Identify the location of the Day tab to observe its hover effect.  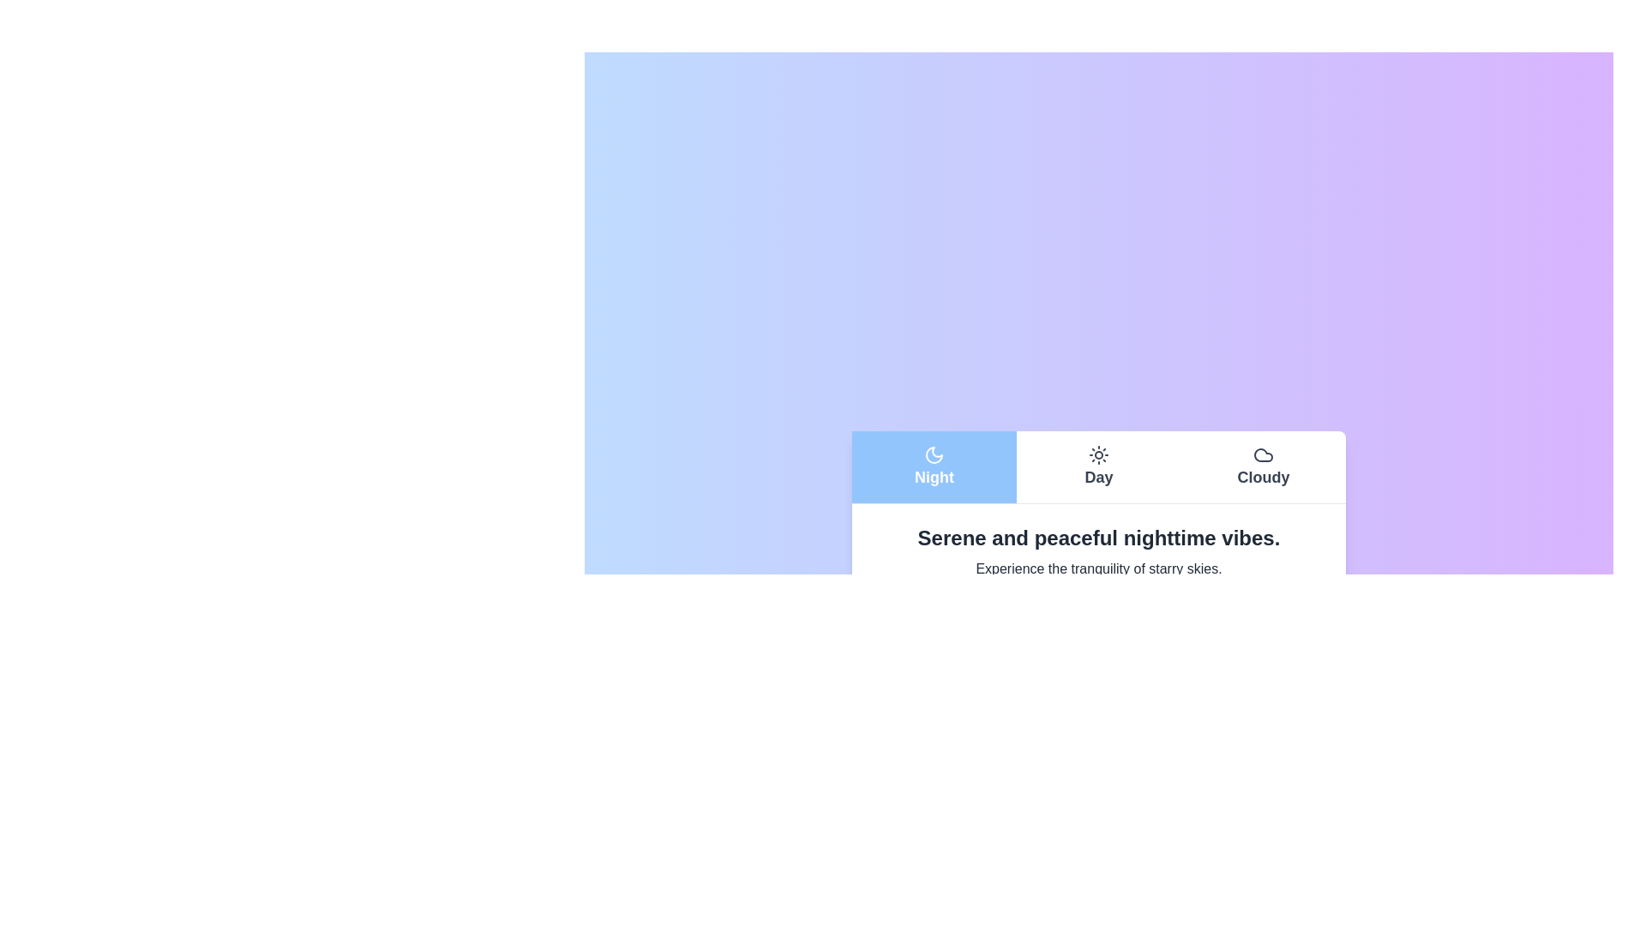
(1098, 466).